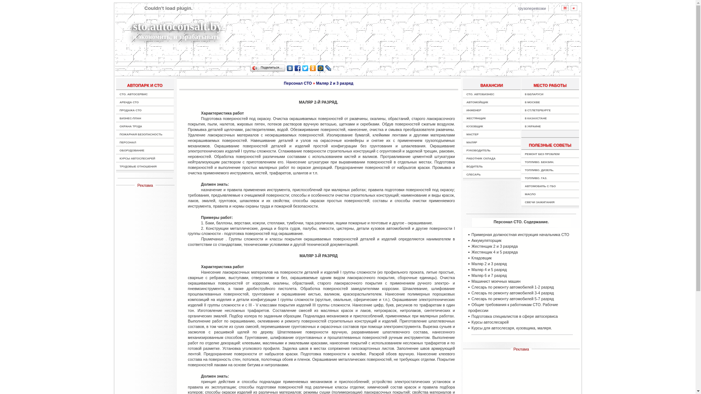 Image resolution: width=701 pixels, height=394 pixels. Describe the element at coordinates (305, 68) in the screenshot. I see `'Twitter'` at that location.